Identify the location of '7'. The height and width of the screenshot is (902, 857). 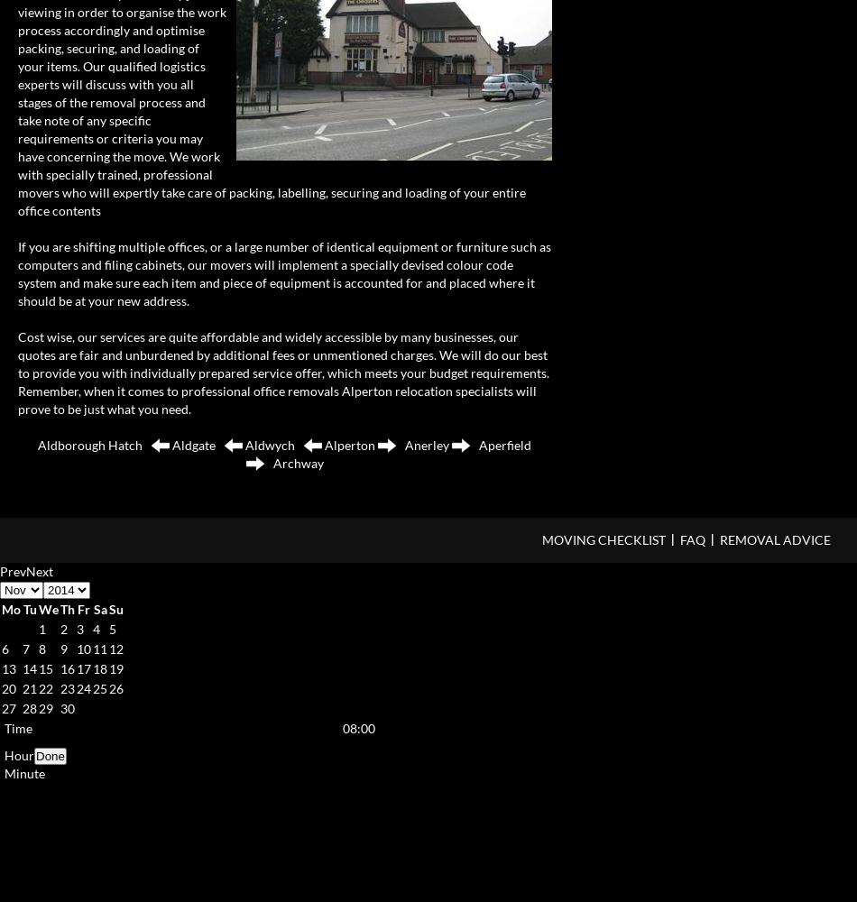
(25, 647).